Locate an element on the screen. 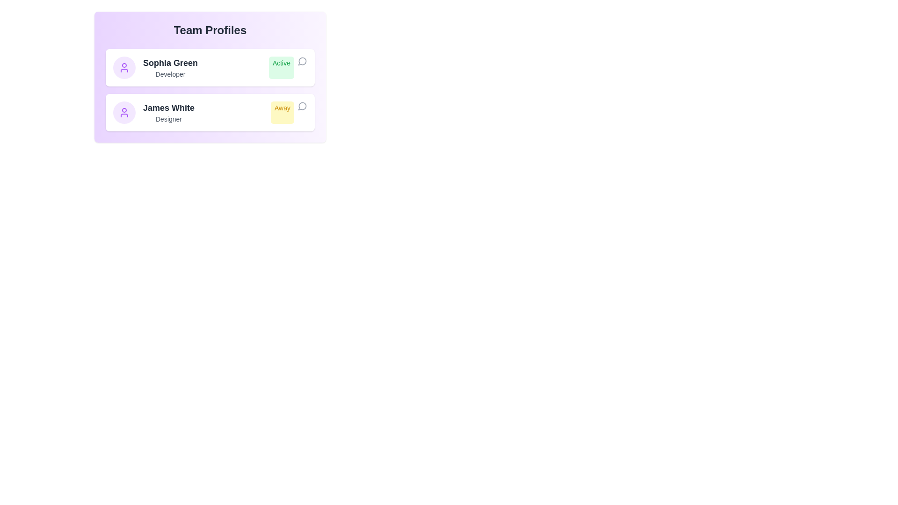  the user profile icon representing 'James White' located to the left of the text in the 'Team Profiles' section is located at coordinates (123, 112).